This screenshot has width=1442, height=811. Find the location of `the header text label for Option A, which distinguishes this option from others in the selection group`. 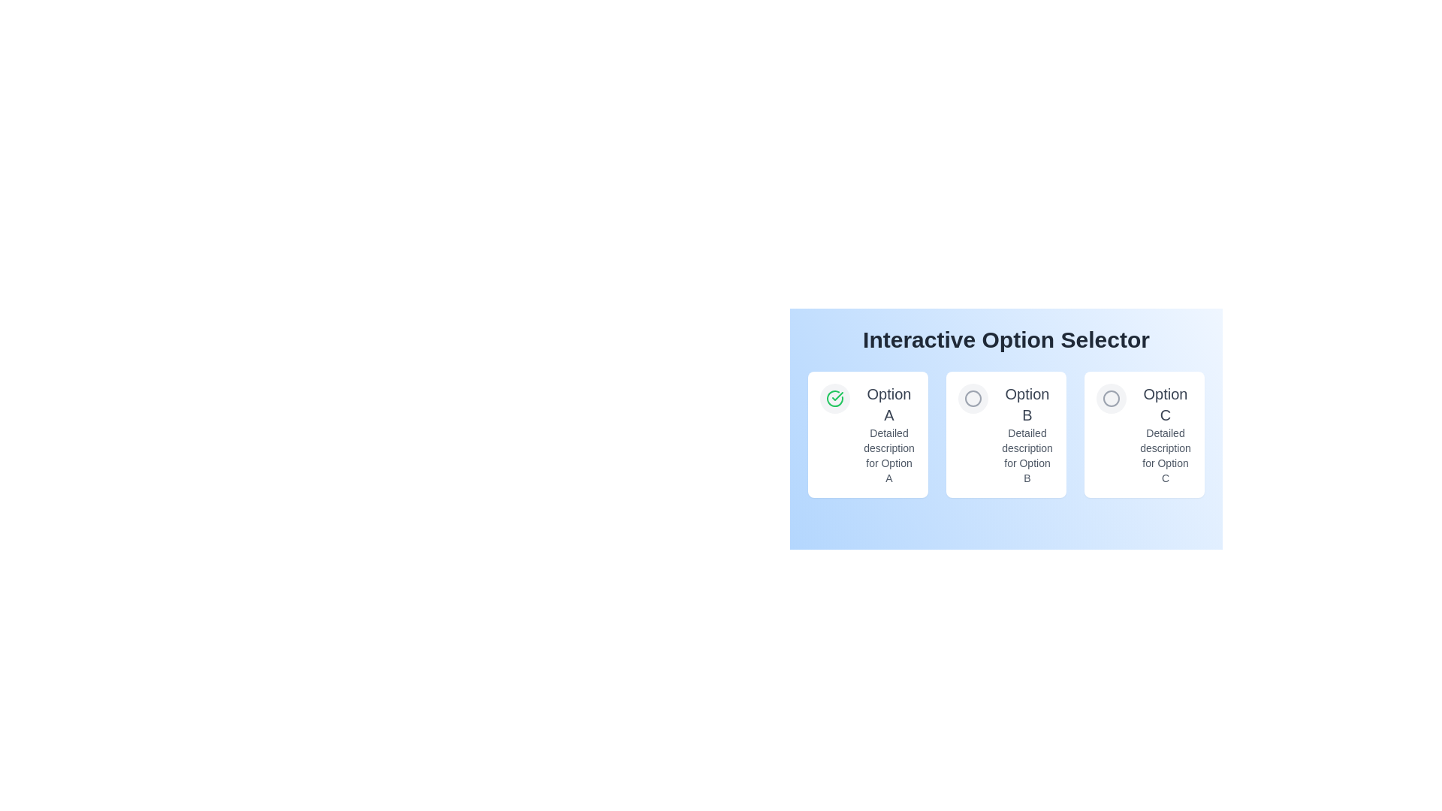

the header text label for Option A, which distinguishes this option from others in the selection group is located at coordinates (889, 404).